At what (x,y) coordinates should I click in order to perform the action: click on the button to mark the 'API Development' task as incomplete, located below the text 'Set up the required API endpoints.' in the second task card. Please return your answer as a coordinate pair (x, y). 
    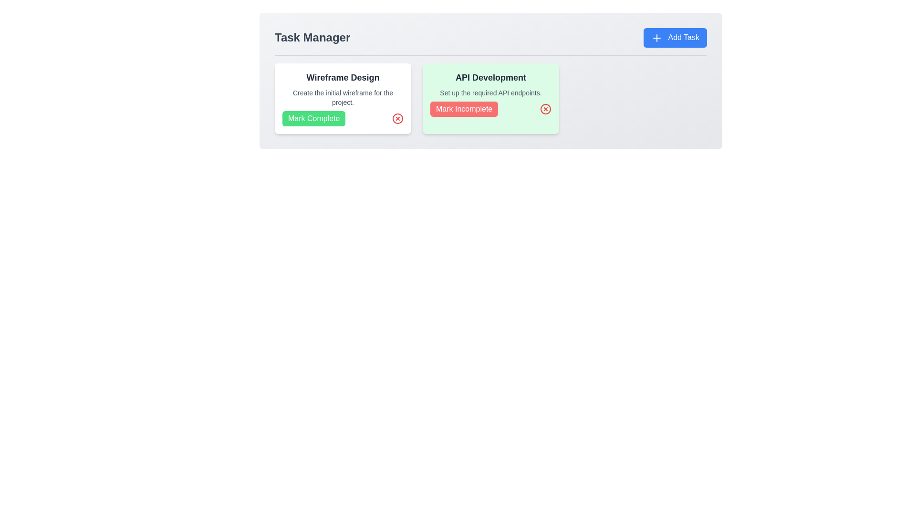
    Looking at the image, I should click on (490, 108).